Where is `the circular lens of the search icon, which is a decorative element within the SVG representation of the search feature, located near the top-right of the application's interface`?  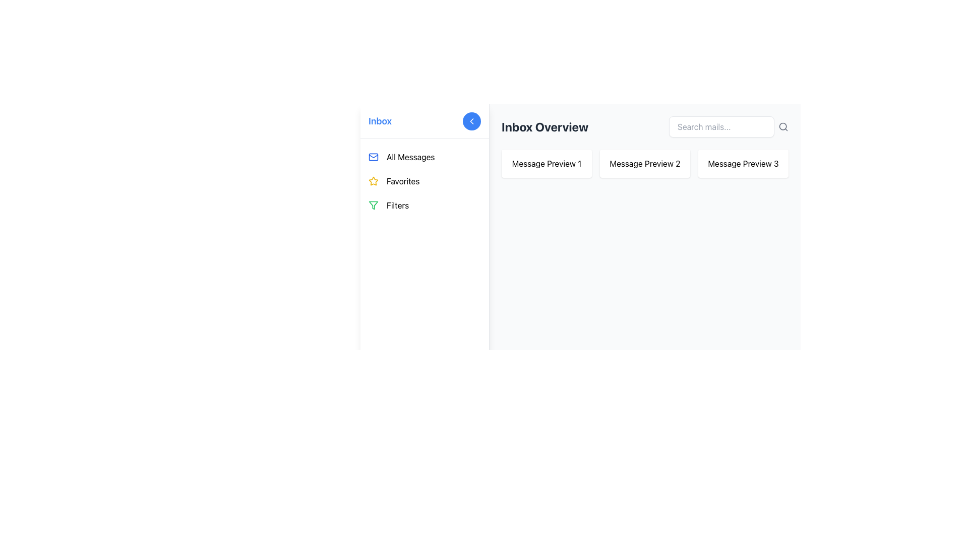
the circular lens of the search icon, which is a decorative element within the SVG representation of the search feature, located near the top-right of the application's interface is located at coordinates (782, 126).